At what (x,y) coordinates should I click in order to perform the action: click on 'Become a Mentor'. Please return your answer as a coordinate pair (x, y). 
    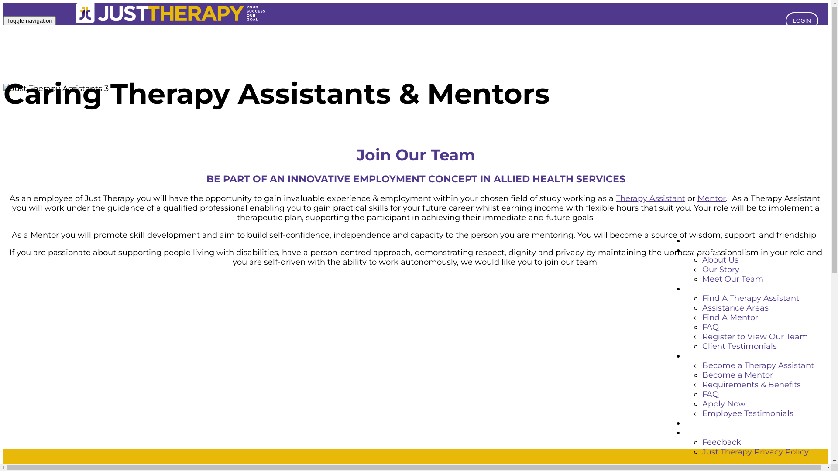
    Looking at the image, I should click on (737, 375).